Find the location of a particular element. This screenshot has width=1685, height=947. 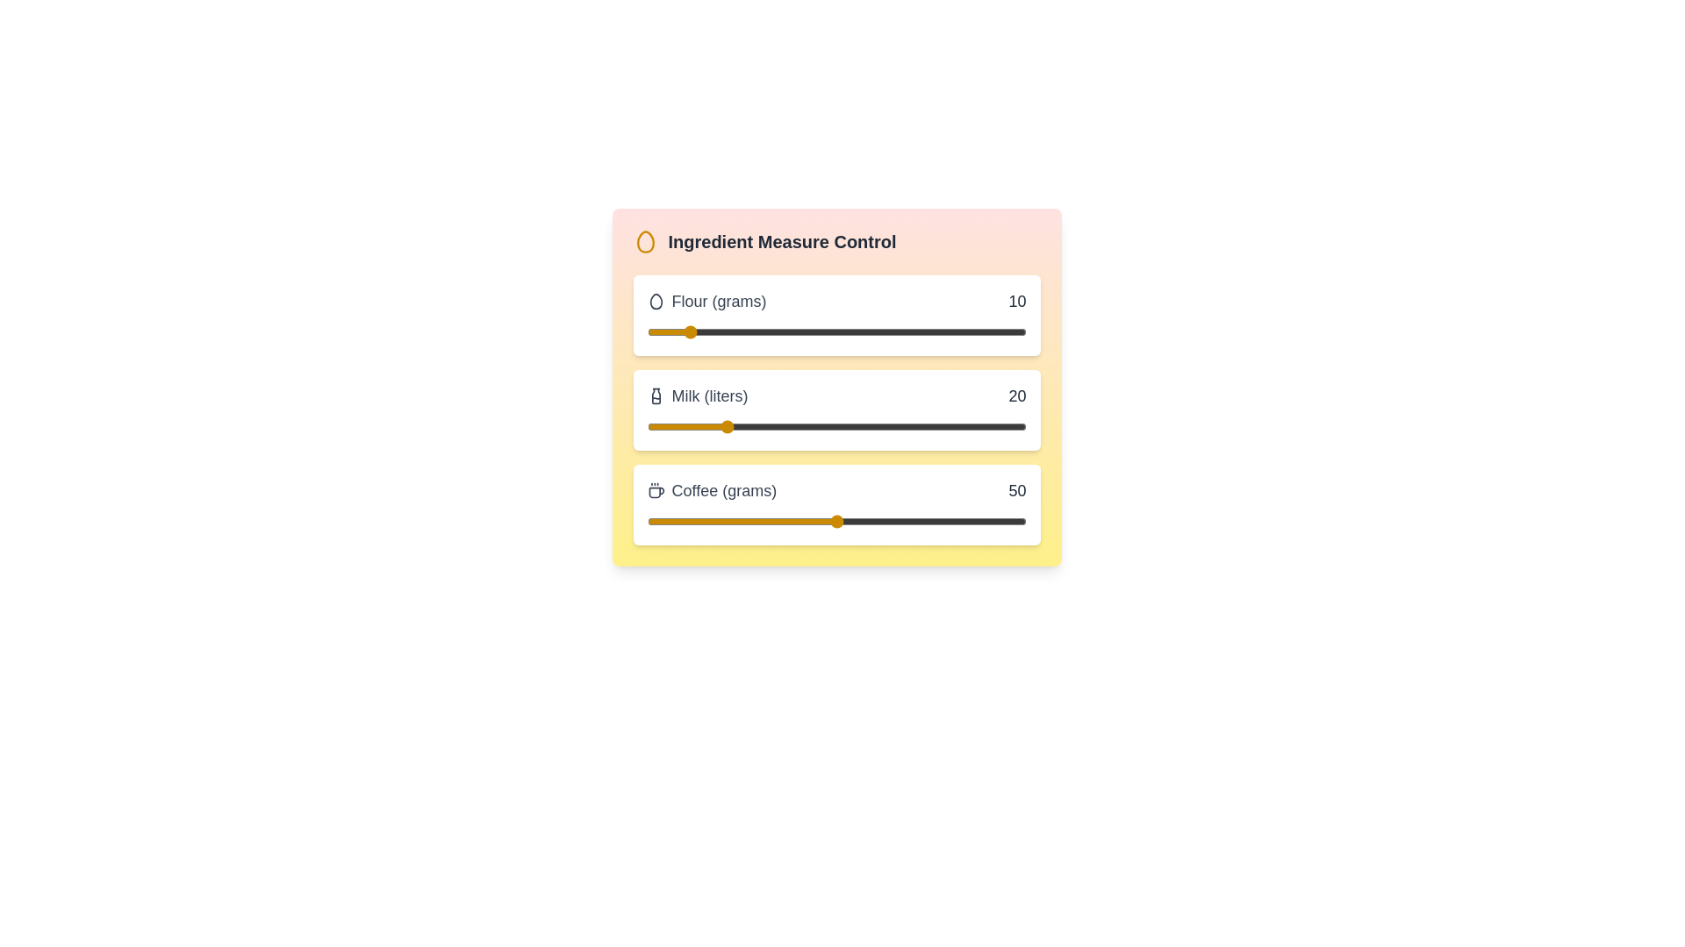

the milk slider is located at coordinates (839, 426).